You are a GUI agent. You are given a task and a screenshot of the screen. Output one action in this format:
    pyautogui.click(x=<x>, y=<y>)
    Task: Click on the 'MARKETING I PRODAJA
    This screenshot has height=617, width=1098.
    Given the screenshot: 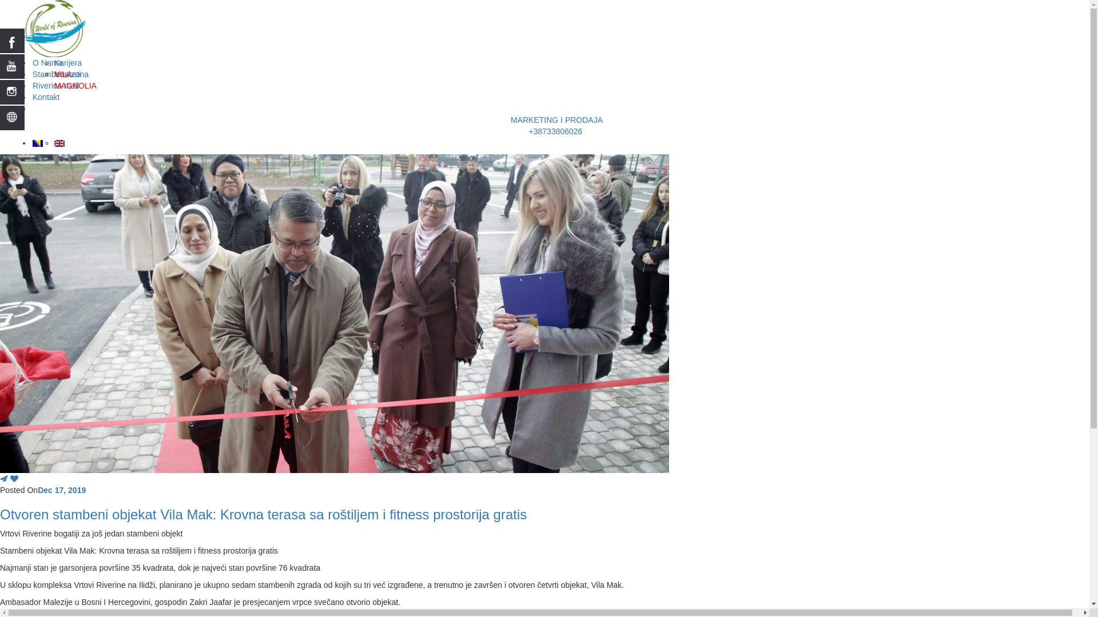 What is the action you would take?
    pyautogui.click(x=556, y=125)
    